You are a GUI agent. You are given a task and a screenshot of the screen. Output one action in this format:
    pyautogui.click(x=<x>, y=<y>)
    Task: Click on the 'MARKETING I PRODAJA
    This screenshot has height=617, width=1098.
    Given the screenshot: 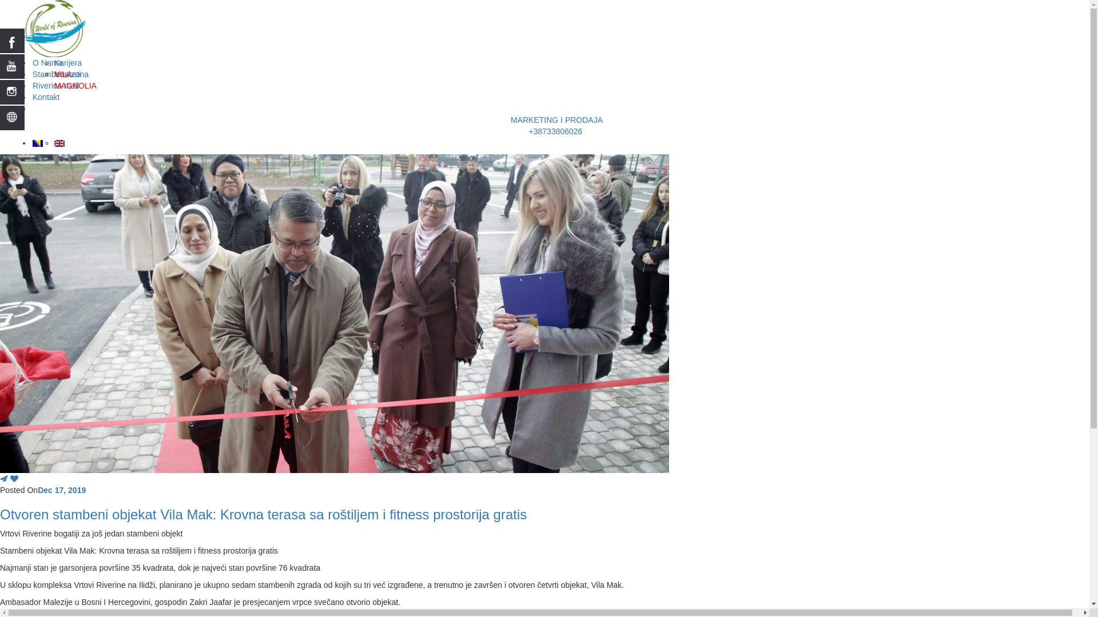 What is the action you would take?
    pyautogui.click(x=556, y=125)
    